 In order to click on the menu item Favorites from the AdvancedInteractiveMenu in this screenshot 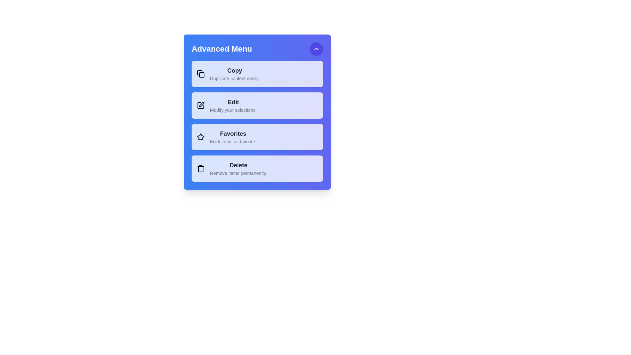, I will do `click(257, 136)`.